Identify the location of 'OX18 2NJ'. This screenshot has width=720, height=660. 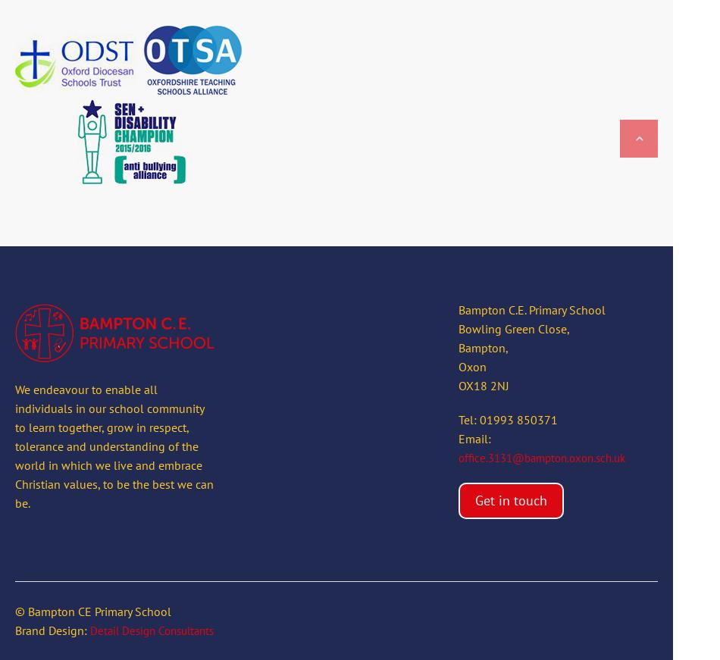
(483, 386).